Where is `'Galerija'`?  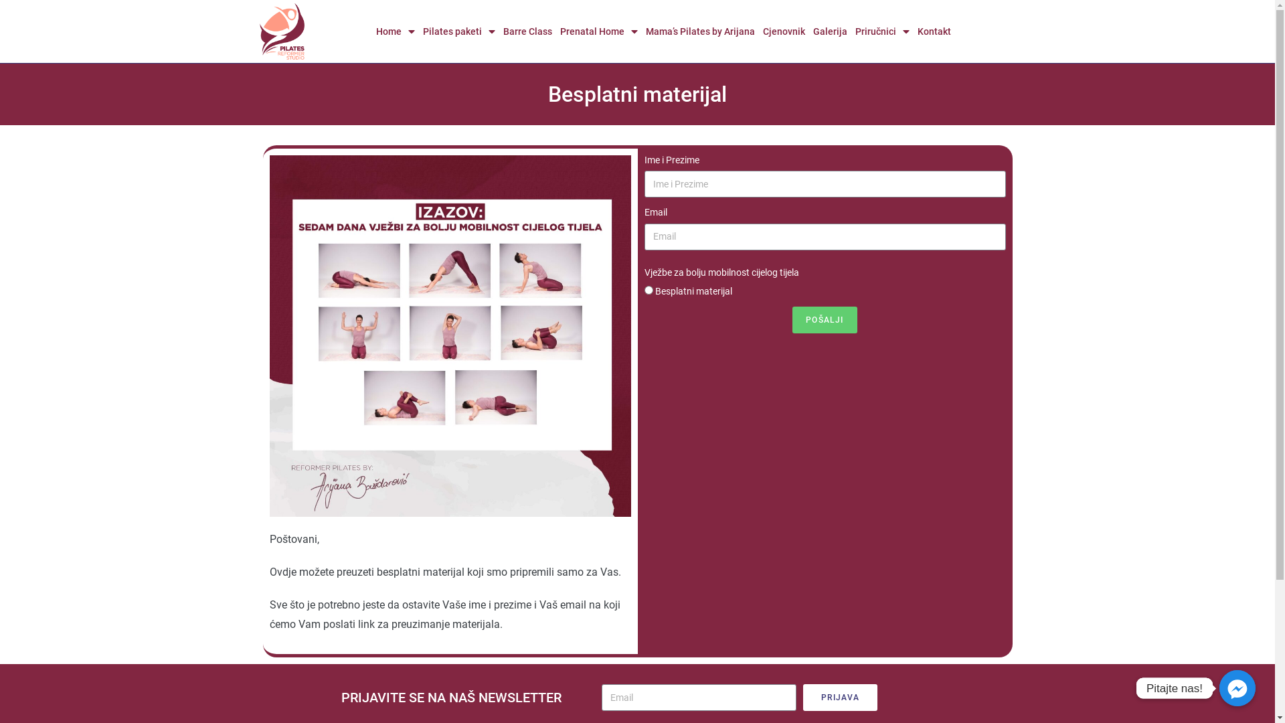 'Galerija' is located at coordinates (829, 30).